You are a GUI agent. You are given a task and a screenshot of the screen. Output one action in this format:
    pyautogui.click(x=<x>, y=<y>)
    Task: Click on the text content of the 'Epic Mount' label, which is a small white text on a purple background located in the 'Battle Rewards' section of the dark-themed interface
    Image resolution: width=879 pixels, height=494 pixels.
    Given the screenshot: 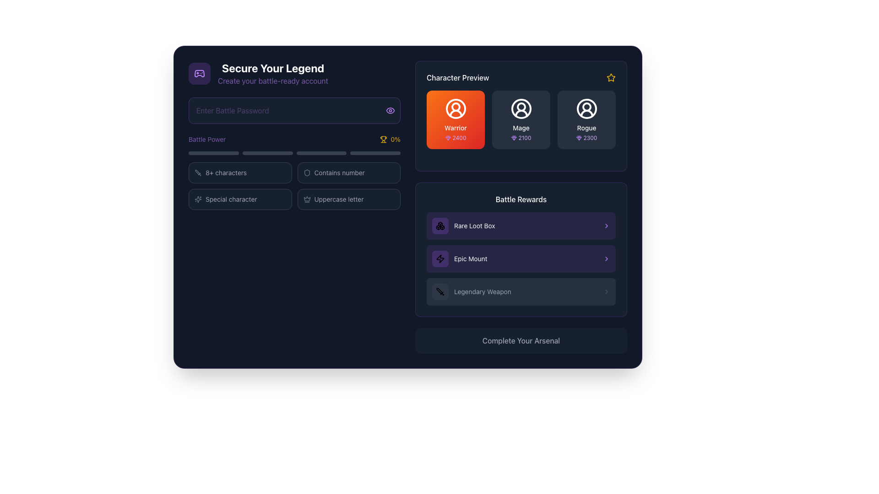 What is the action you would take?
    pyautogui.click(x=471, y=259)
    